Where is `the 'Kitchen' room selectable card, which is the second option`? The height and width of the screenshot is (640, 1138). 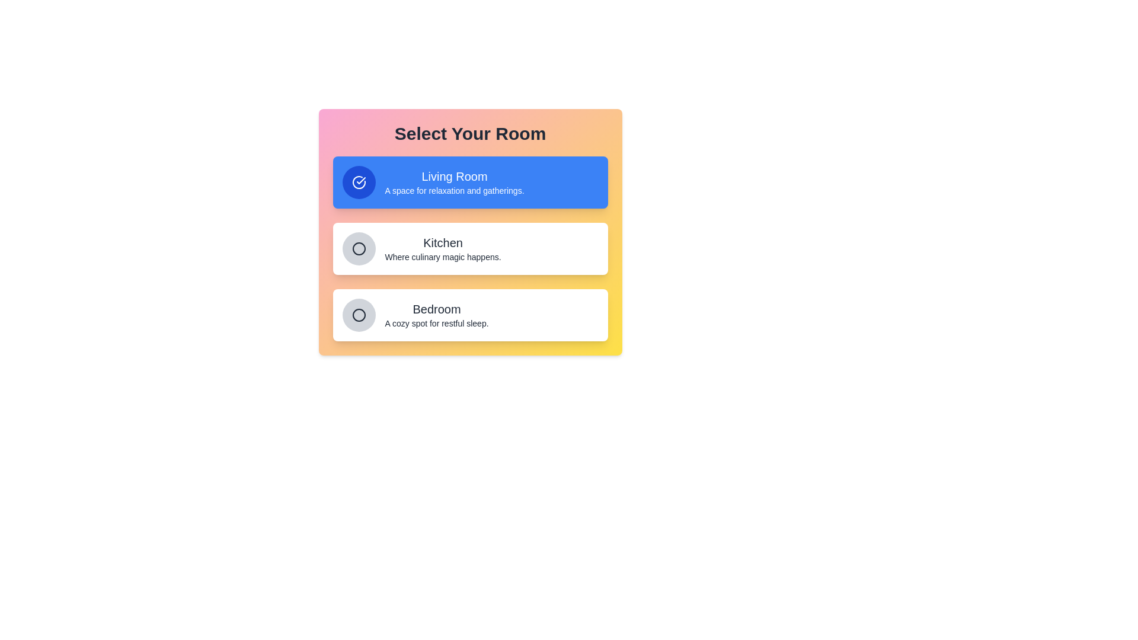
the 'Kitchen' room selectable card, which is the second option is located at coordinates (469, 248).